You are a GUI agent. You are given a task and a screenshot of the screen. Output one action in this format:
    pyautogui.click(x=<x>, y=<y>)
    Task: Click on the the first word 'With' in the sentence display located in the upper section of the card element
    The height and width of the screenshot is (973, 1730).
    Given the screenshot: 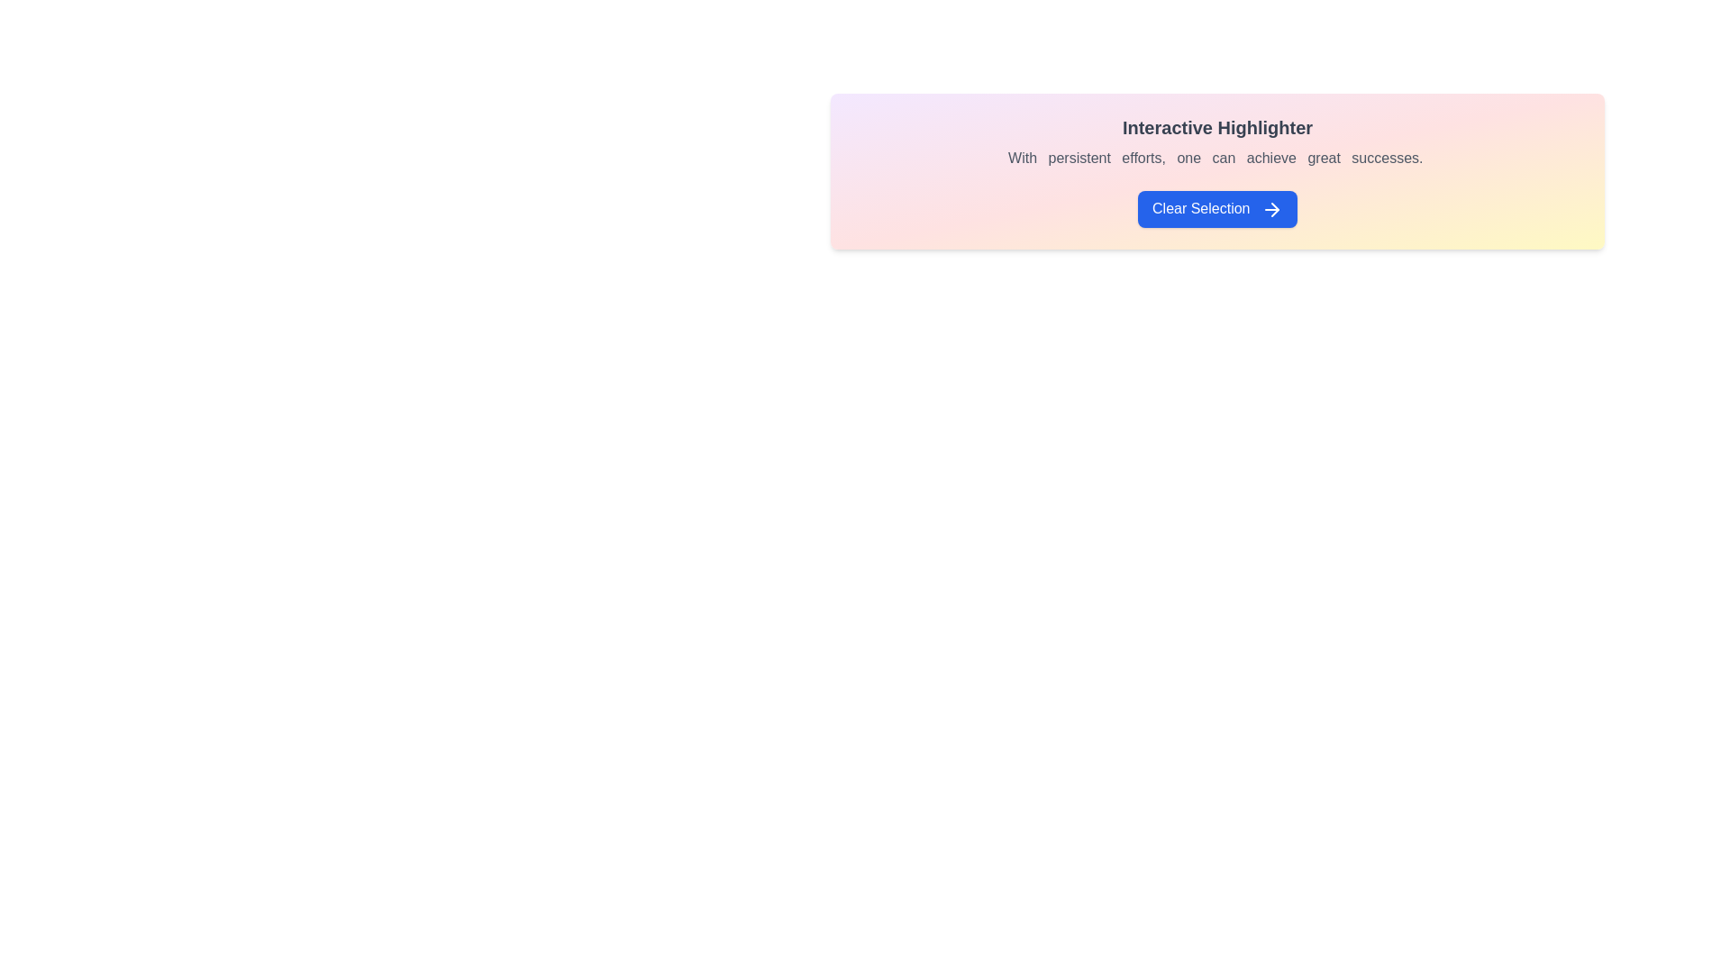 What is the action you would take?
    pyautogui.click(x=1024, y=157)
    